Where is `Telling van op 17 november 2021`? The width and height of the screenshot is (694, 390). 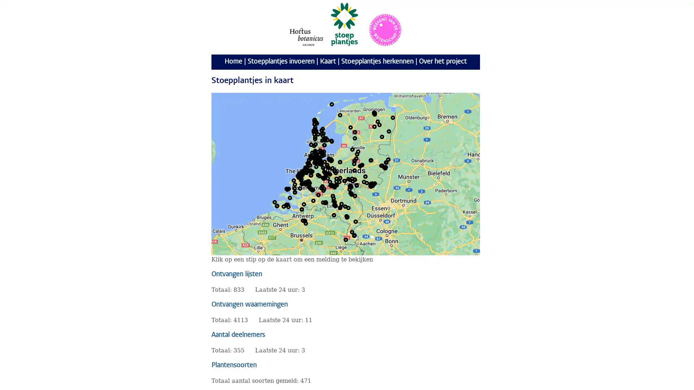 Telling van op 17 november 2021 is located at coordinates (314, 151).